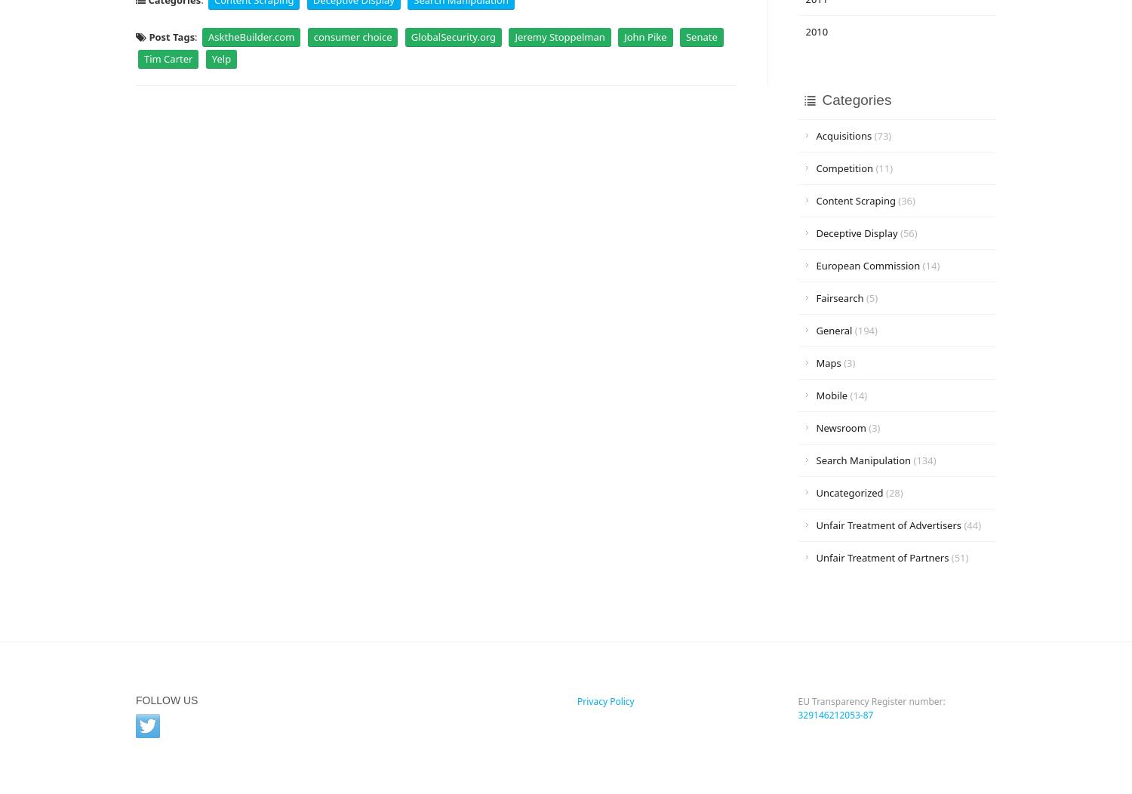  What do you see at coordinates (452, 36) in the screenshot?
I see `'GlobalSecurity.org'` at bounding box center [452, 36].